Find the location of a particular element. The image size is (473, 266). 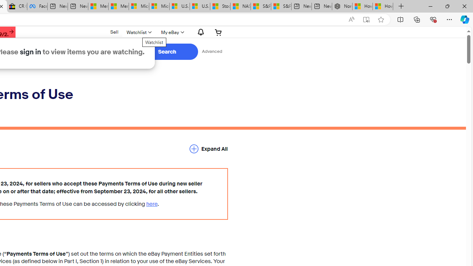

'Your shopping cart' is located at coordinates (218, 32).